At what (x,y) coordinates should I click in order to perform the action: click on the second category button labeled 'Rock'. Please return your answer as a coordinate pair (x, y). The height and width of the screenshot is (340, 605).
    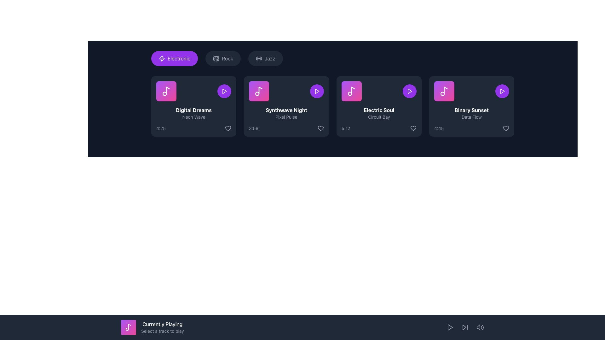
    Looking at the image, I should click on (227, 58).